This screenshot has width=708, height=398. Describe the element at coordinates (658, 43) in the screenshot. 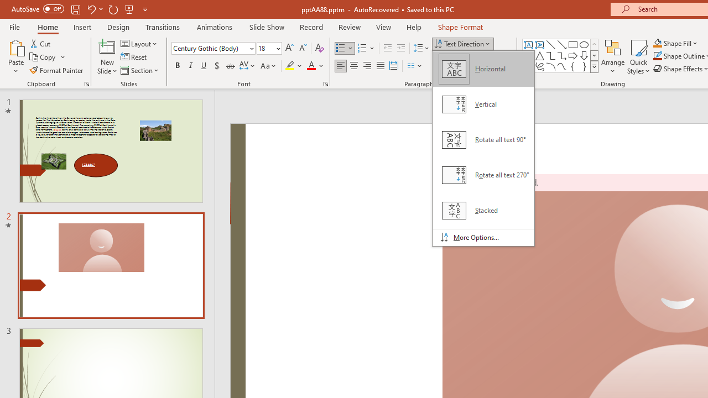

I see `'Shape Fill Aqua, Accent 2'` at that location.